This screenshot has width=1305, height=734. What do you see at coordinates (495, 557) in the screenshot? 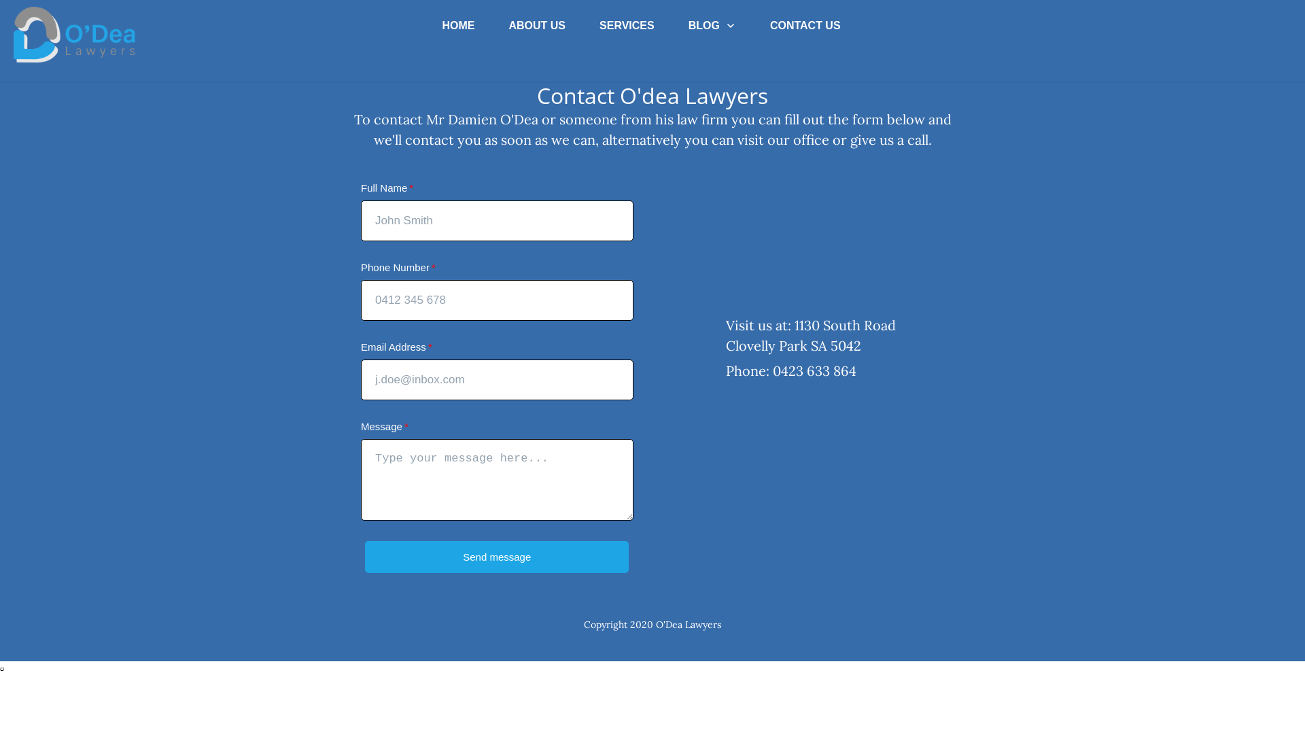
I see `'Send message'` at bounding box center [495, 557].